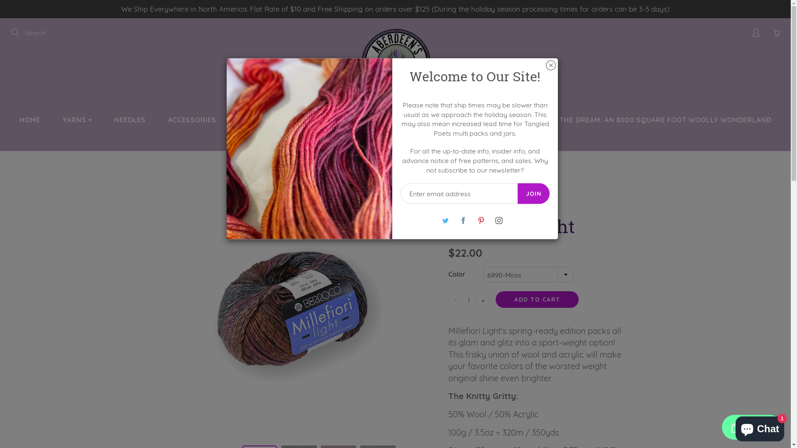 This screenshot has height=448, width=797. Describe the element at coordinates (647, 120) in the screenshot. I see `'BUILDING THE DREAM: AN 8000 SQUARE FOOT WOOLLY WONDERLAND'` at that location.